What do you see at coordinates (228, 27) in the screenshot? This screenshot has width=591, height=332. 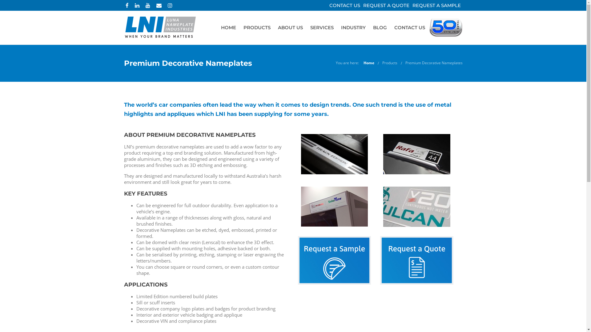 I see `'HOME'` at bounding box center [228, 27].